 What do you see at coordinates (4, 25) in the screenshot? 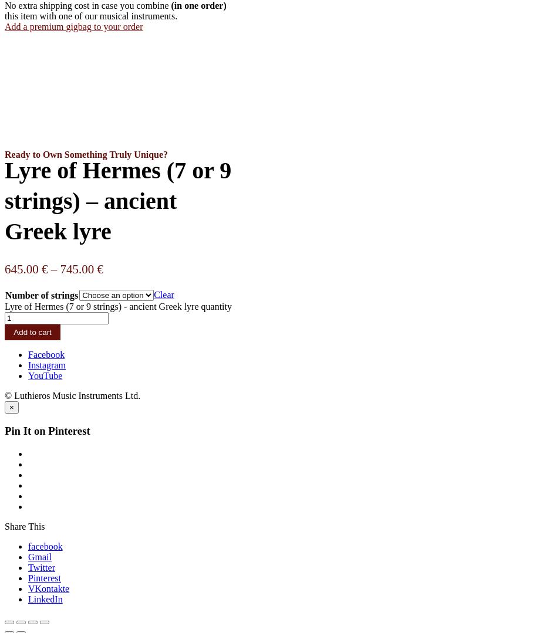
I see `'Add a premium gigbag to your order'` at bounding box center [4, 25].